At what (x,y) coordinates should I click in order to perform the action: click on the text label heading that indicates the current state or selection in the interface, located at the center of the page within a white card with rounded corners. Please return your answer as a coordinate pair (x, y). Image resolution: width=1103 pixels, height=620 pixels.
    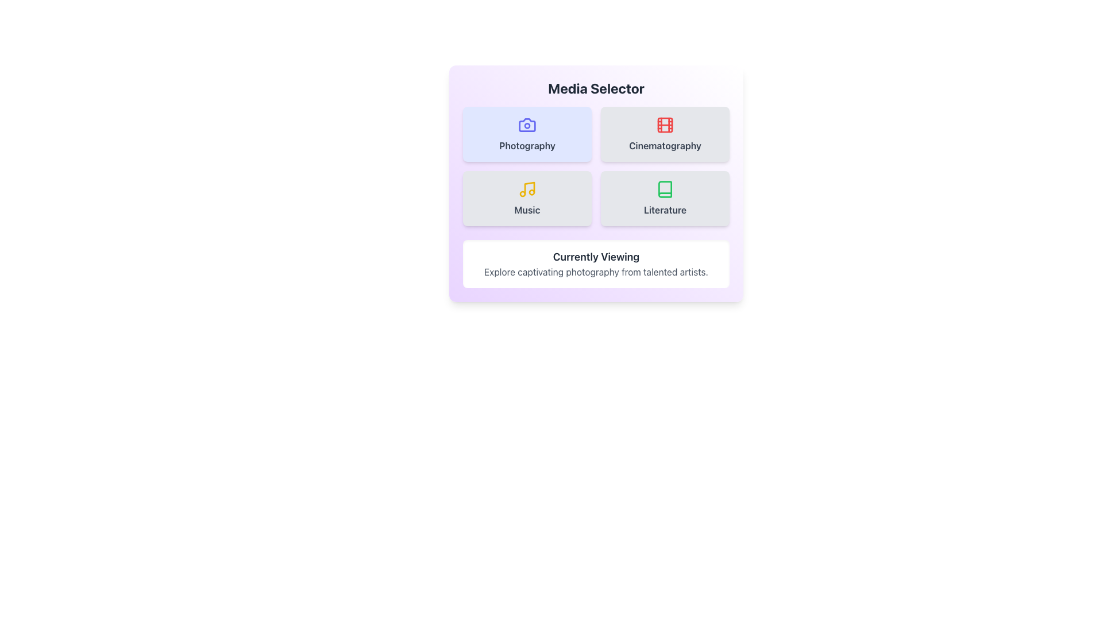
    Looking at the image, I should click on (596, 256).